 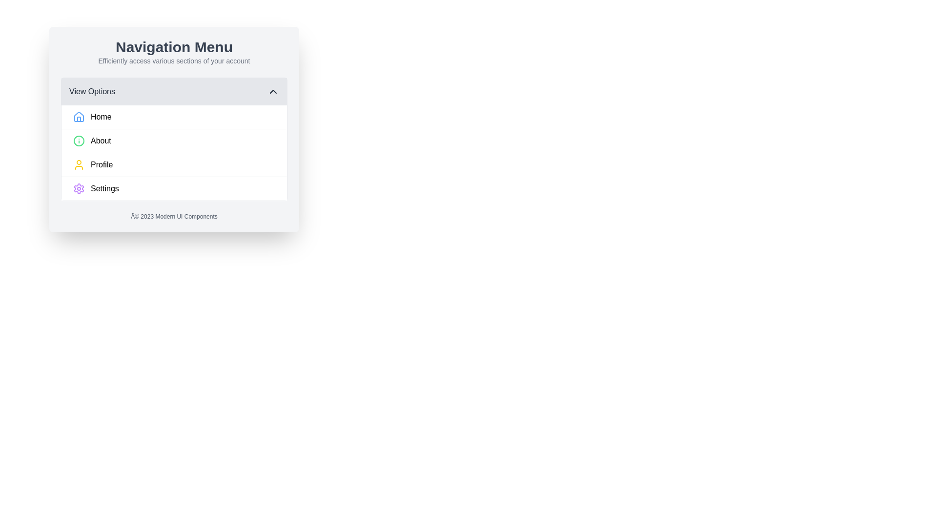 I want to click on the vertical rectangular shape that forms part of the house icon in the navigation menu, so click(x=79, y=119).